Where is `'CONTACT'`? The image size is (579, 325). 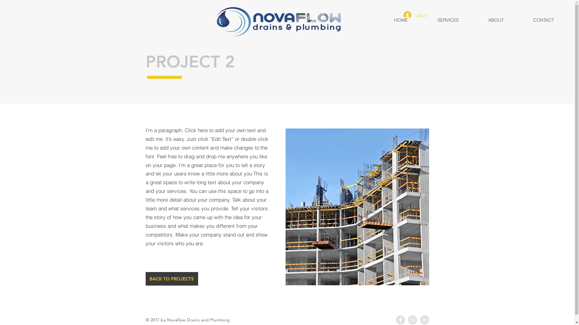 'CONTACT' is located at coordinates (518, 20).